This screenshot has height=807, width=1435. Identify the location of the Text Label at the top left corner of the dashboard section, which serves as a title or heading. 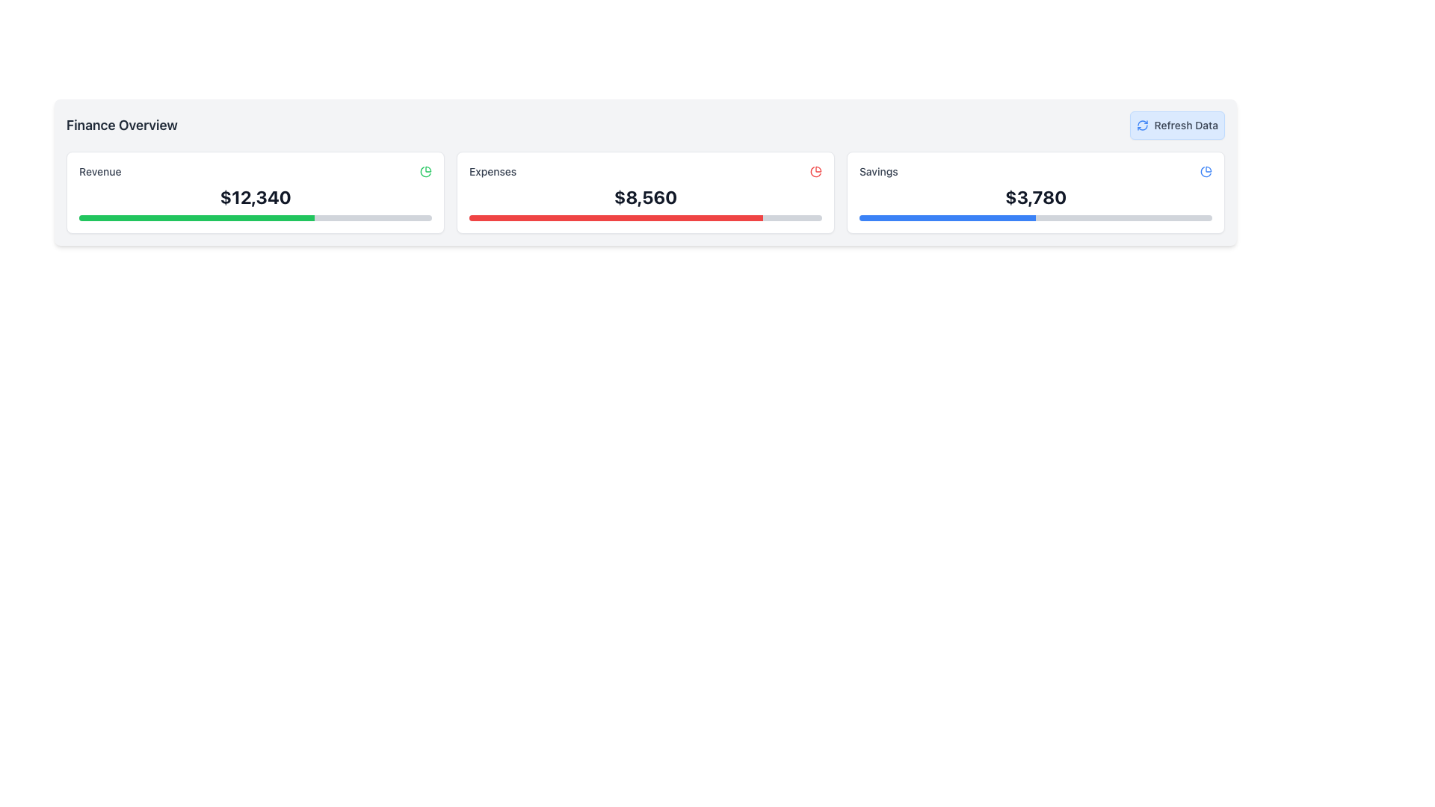
(122, 125).